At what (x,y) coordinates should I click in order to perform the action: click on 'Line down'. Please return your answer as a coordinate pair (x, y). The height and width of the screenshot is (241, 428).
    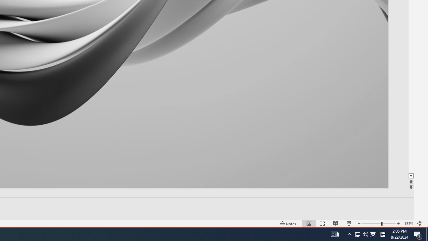
    Looking at the image, I should click on (411, 176).